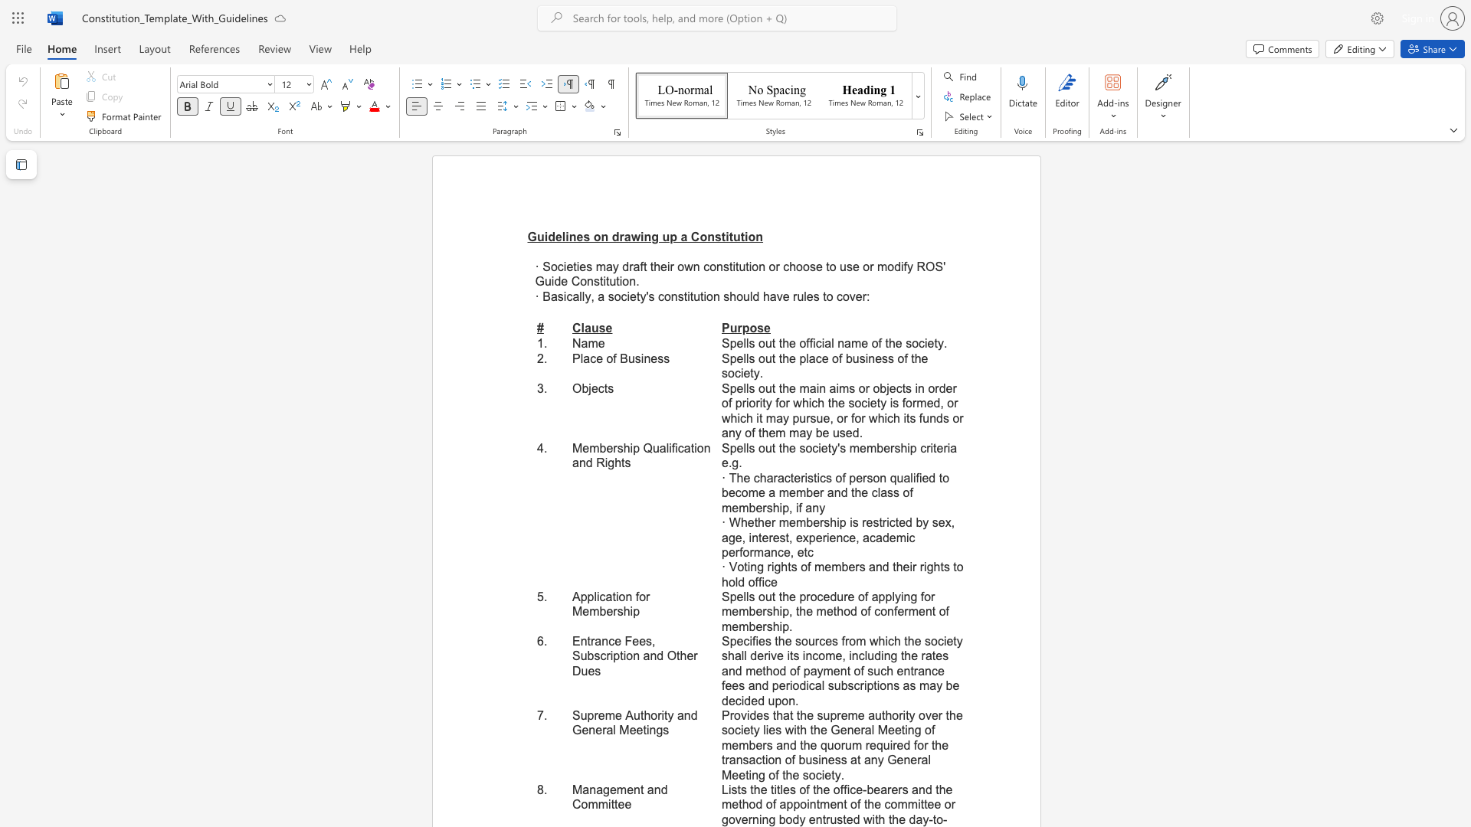 The image size is (1471, 827). Describe the element at coordinates (909, 537) in the screenshot. I see `the subset text "c performance" within the text "· Whether membership is restricted by sex, age, interest, experience, academic performance, etc"` at that location.